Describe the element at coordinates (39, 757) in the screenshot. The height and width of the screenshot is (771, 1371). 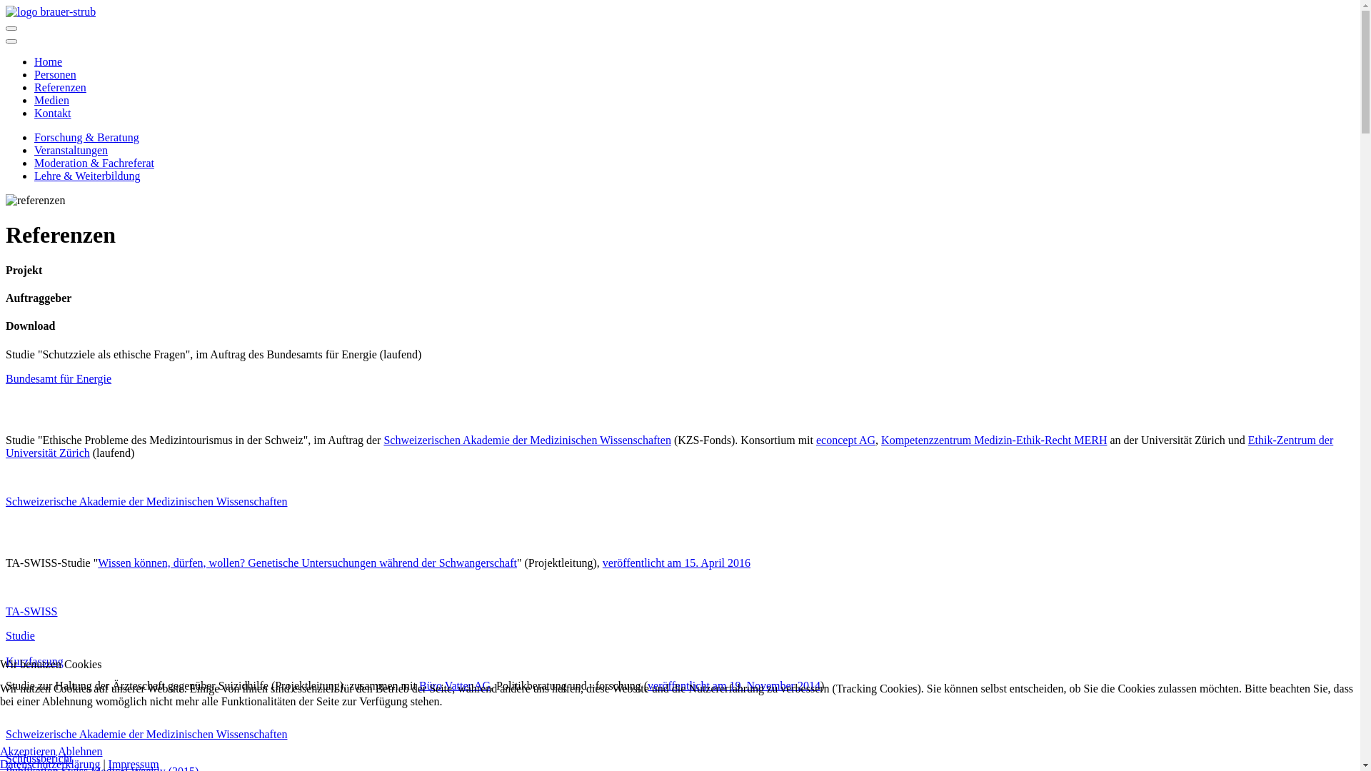
I see `'Schlussbericht'` at that location.